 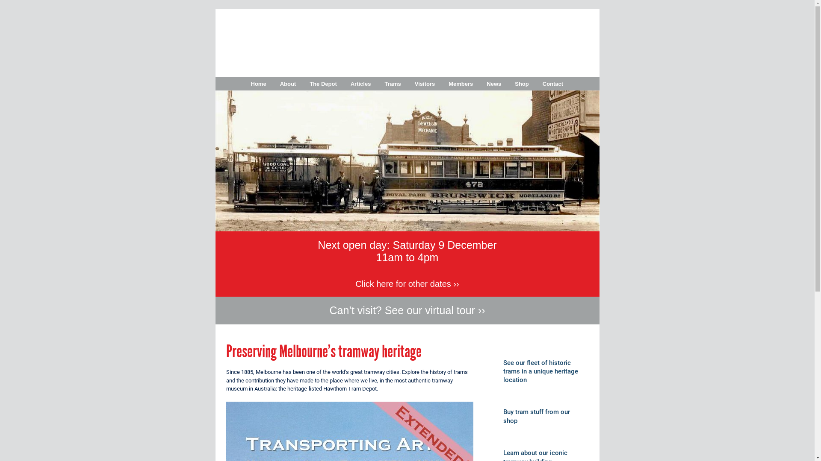 I want to click on 'Subscribe to Melbourne Tram Museum's RSS feed', so click(x=808, y=114).